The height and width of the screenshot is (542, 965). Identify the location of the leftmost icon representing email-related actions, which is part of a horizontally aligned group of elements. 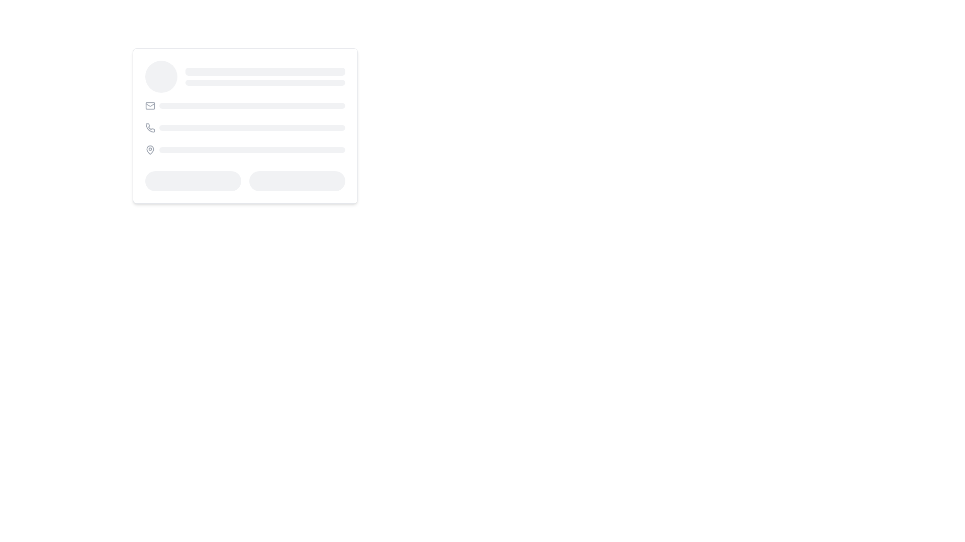
(149, 106).